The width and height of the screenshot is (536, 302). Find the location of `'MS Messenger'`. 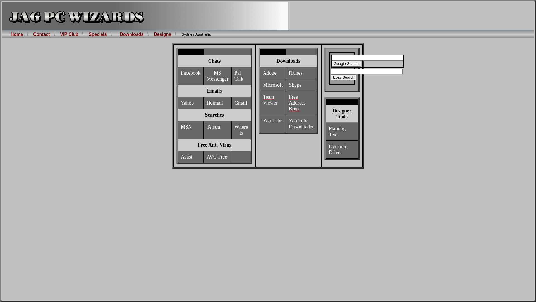

'MS Messenger' is located at coordinates (217, 76).